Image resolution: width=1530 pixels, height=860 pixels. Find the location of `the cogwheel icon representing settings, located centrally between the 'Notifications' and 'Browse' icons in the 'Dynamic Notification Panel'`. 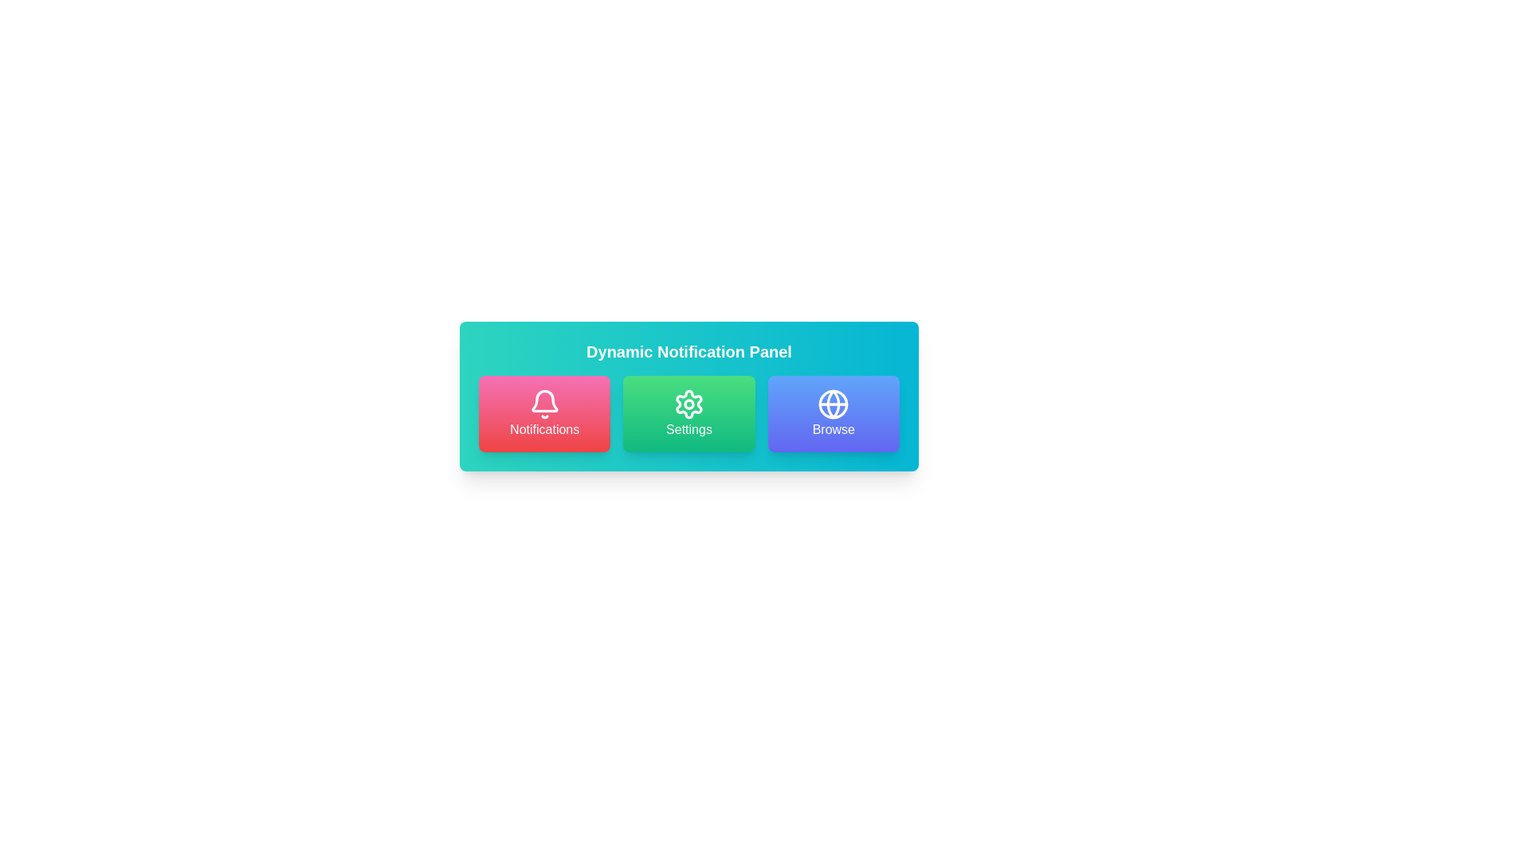

the cogwheel icon representing settings, located centrally between the 'Notifications' and 'Browse' icons in the 'Dynamic Notification Panel' is located at coordinates (688, 404).